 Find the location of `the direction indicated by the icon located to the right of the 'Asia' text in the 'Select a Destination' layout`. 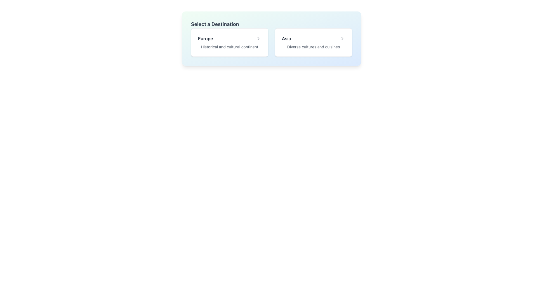

the direction indicated by the icon located to the right of the 'Asia' text in the 'Select a Destination' layout is located at coordinates (342, 38).